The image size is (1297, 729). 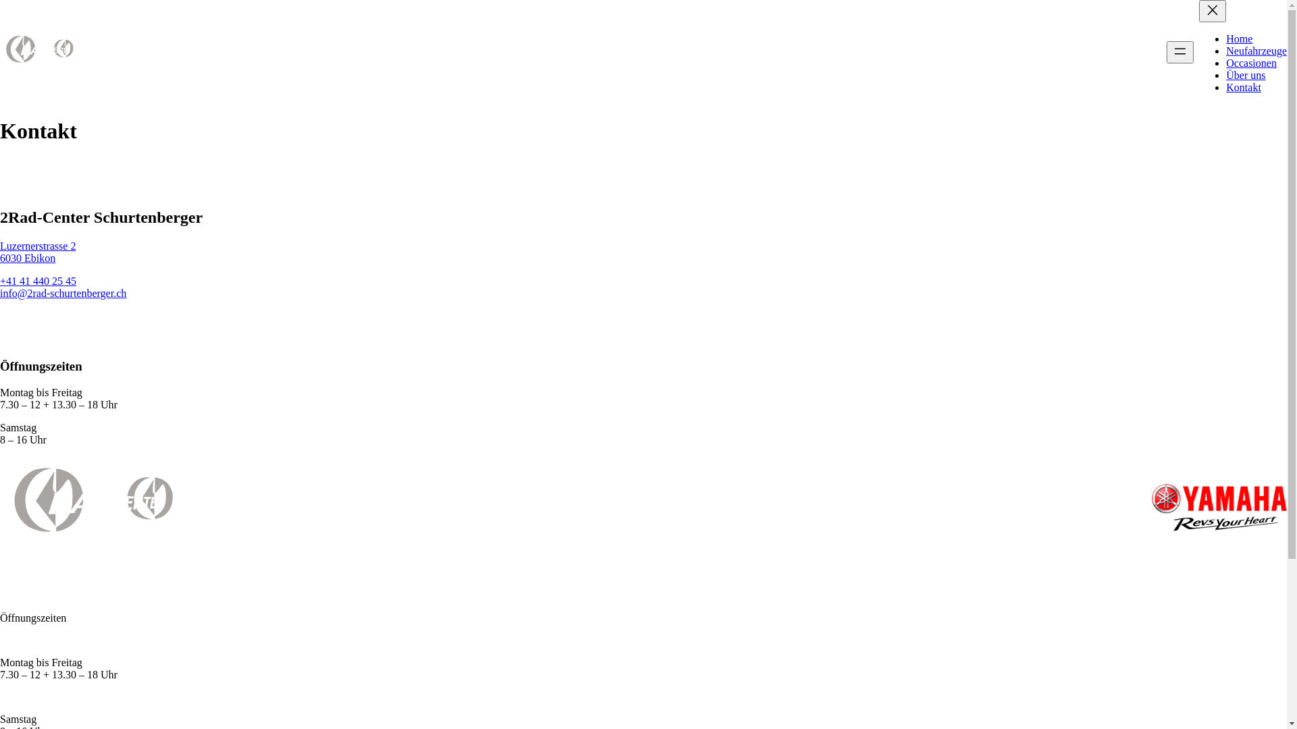 I want to click on 'Luzernerstrasse 2, so click(x=38, y=252).